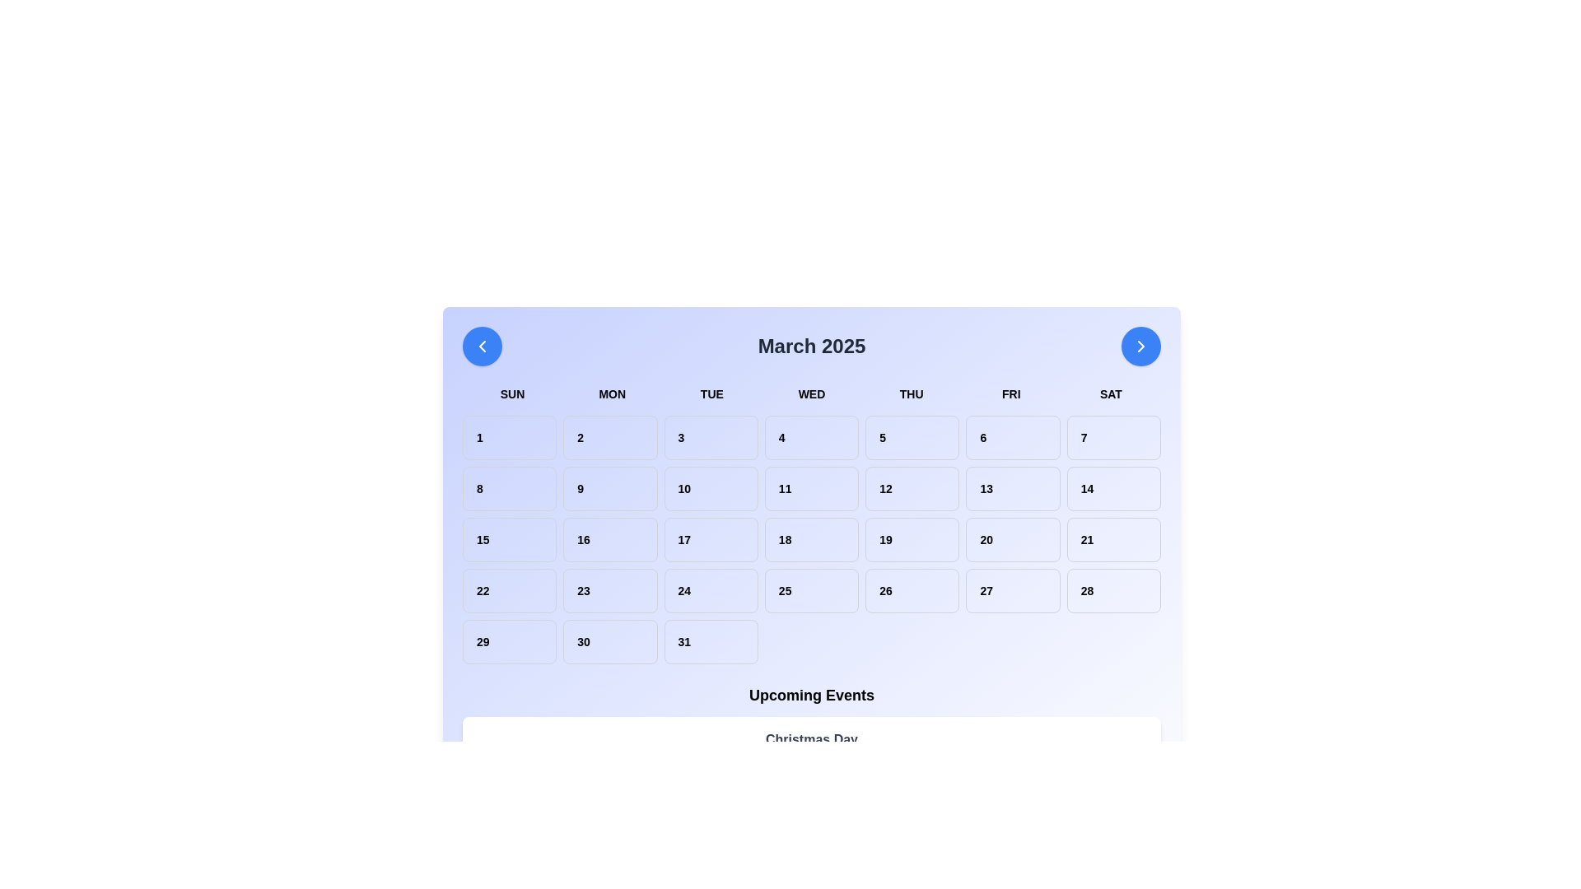  Describe the element at coordinates (1113, 589) in the screenshot. I see `the text value displayed in the small text label showing the number '28', which is bold and centrally aligned within the date box for '28' in the calendar interface` at that location.